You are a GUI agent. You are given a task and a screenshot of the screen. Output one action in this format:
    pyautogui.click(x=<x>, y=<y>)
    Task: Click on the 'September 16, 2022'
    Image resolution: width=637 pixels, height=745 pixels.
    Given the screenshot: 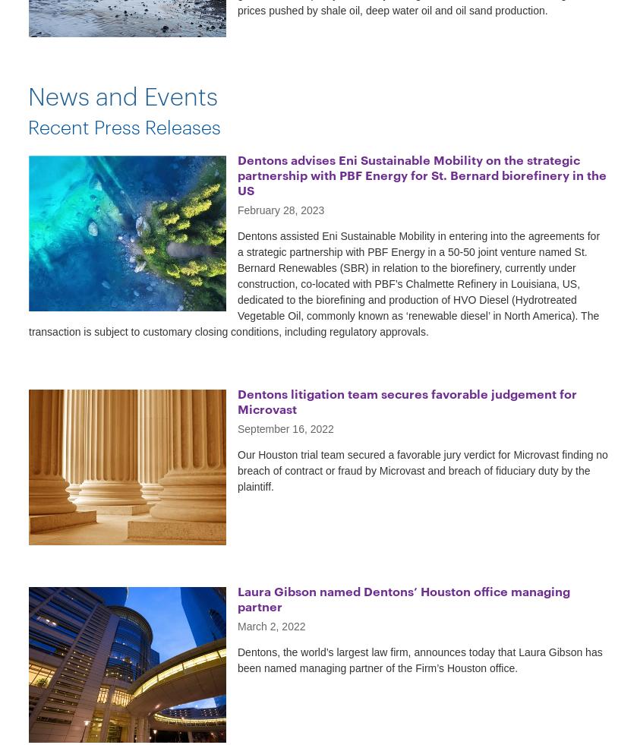 What is the action you would take?
    pyautogui.click(x=285, y=428)
    